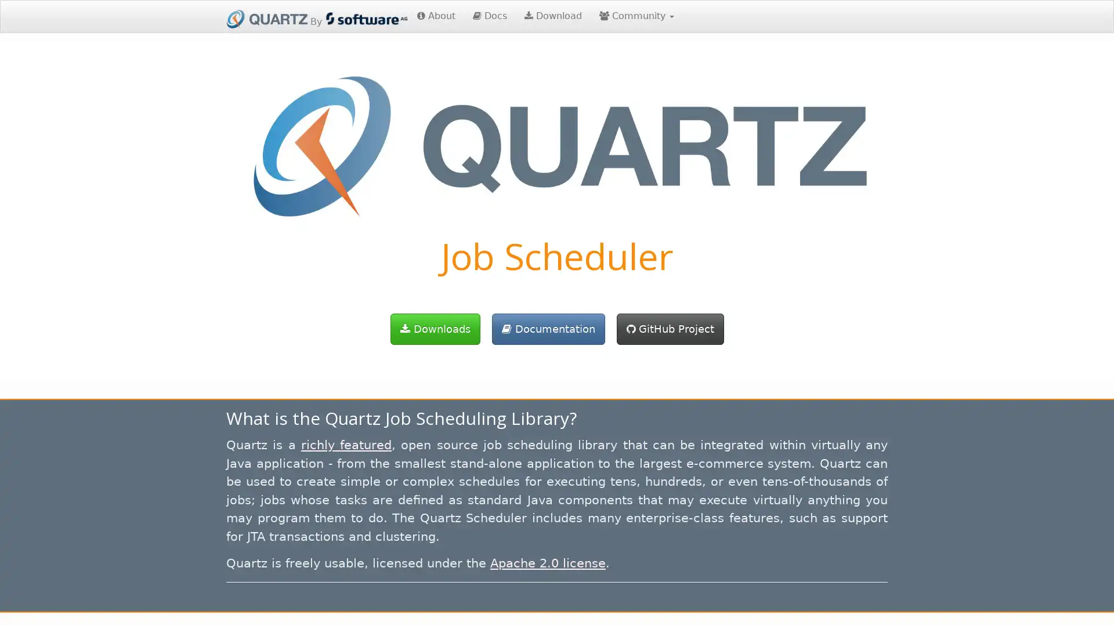  What do you see at coordinates (434, 329) in the screenshot?
I see `Downloads` at bounding box center [434, 329].